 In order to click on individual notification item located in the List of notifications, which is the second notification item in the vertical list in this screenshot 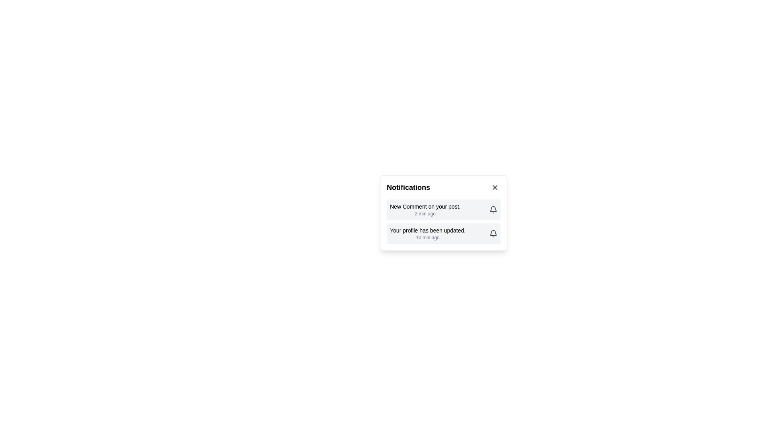, I will do `click(443, 221)`.